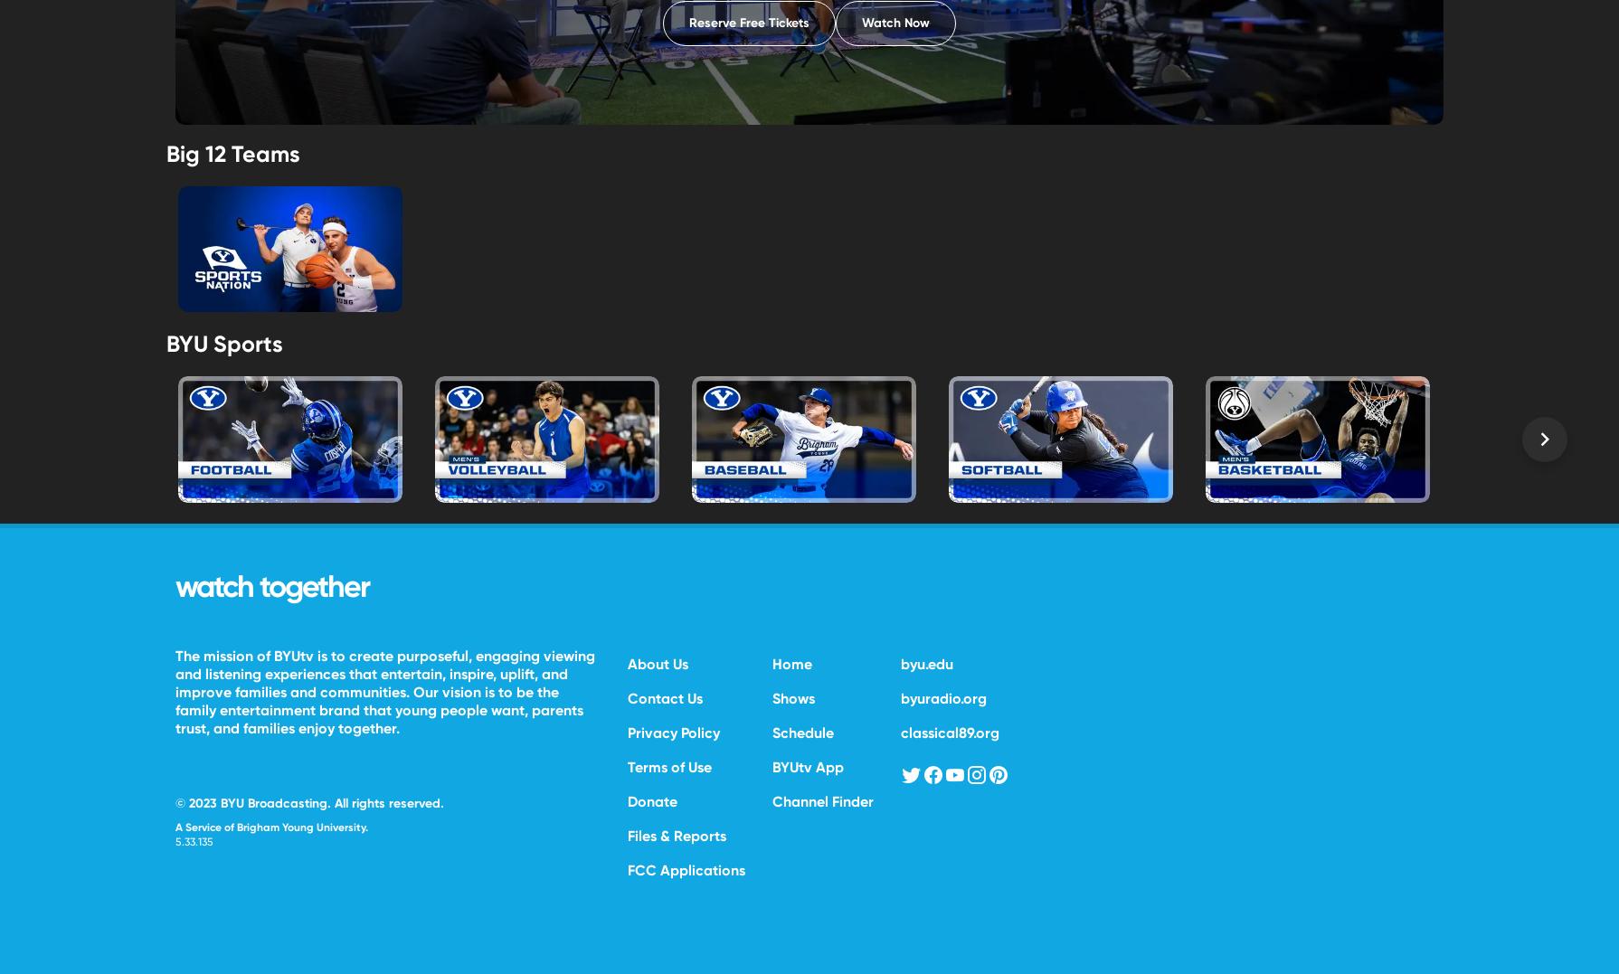  Describe the element at coordinates (791, 663) in the screenshot. I see `'Home'` at that location.